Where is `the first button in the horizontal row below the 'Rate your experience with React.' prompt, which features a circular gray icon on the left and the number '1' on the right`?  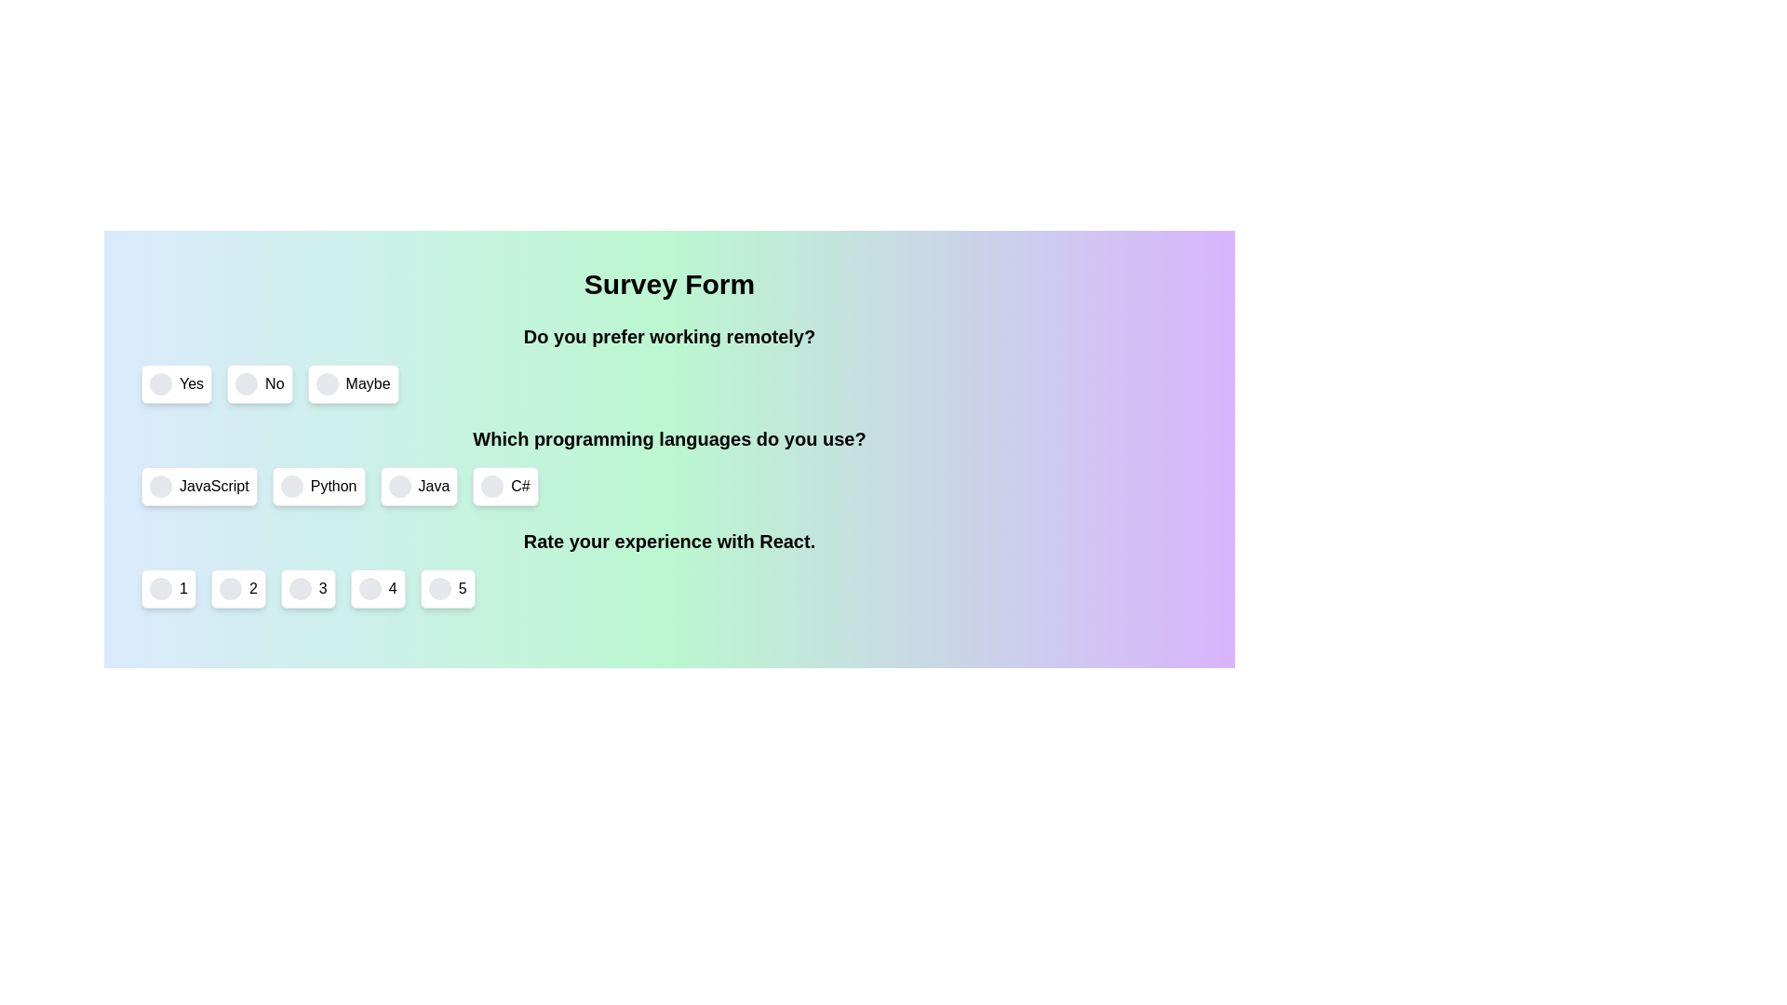
the first button in the horizontal row below the 'Rate your experience with React.' prompt, which features a circular gray icon on the left and the number '1' on the right is located at coordinates (168, 588).